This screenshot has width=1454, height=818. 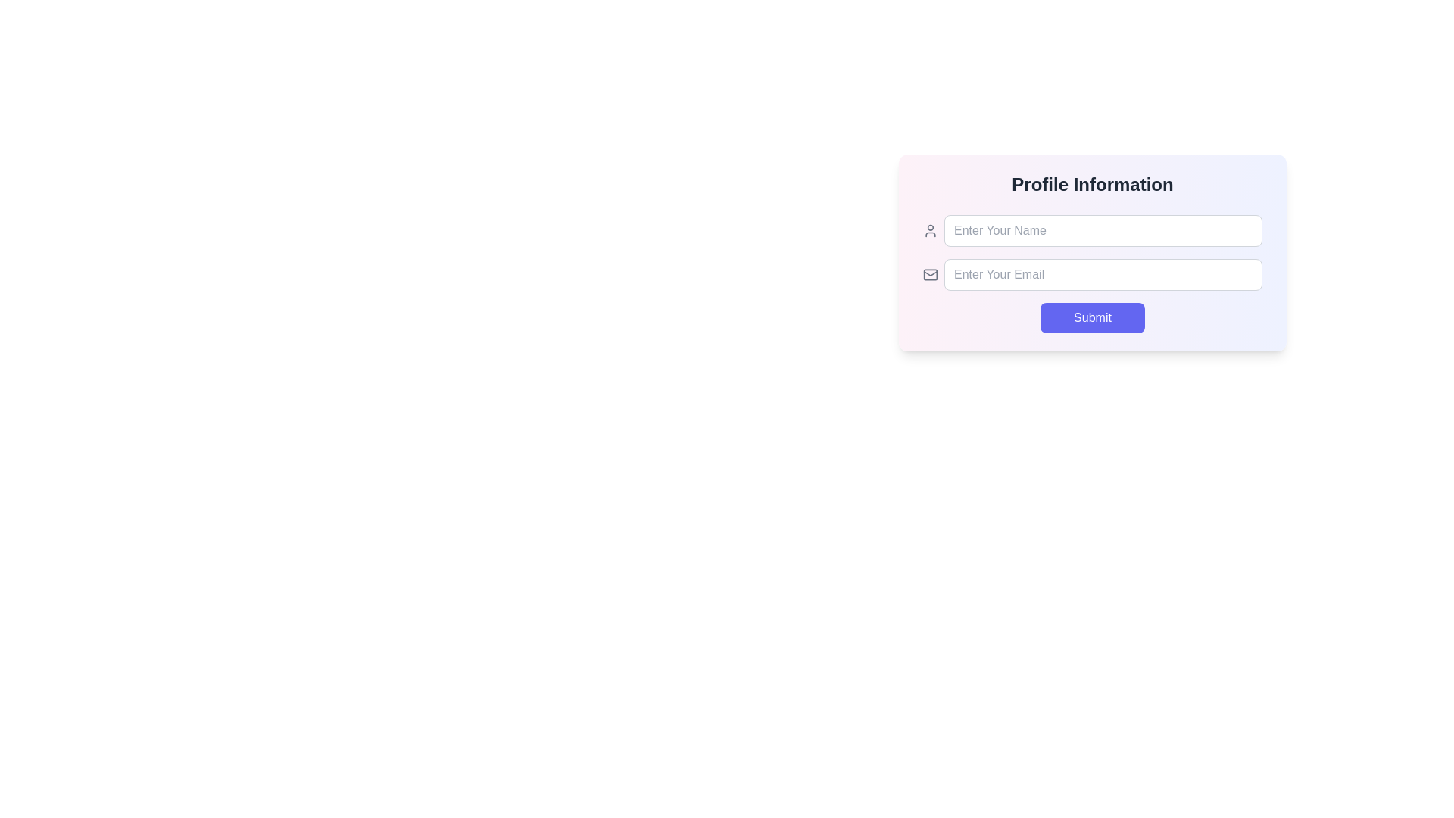 I want to click on the main rectangular section of the envelope icon located to the left of the email input field in the form, so click(x=929, y=274).